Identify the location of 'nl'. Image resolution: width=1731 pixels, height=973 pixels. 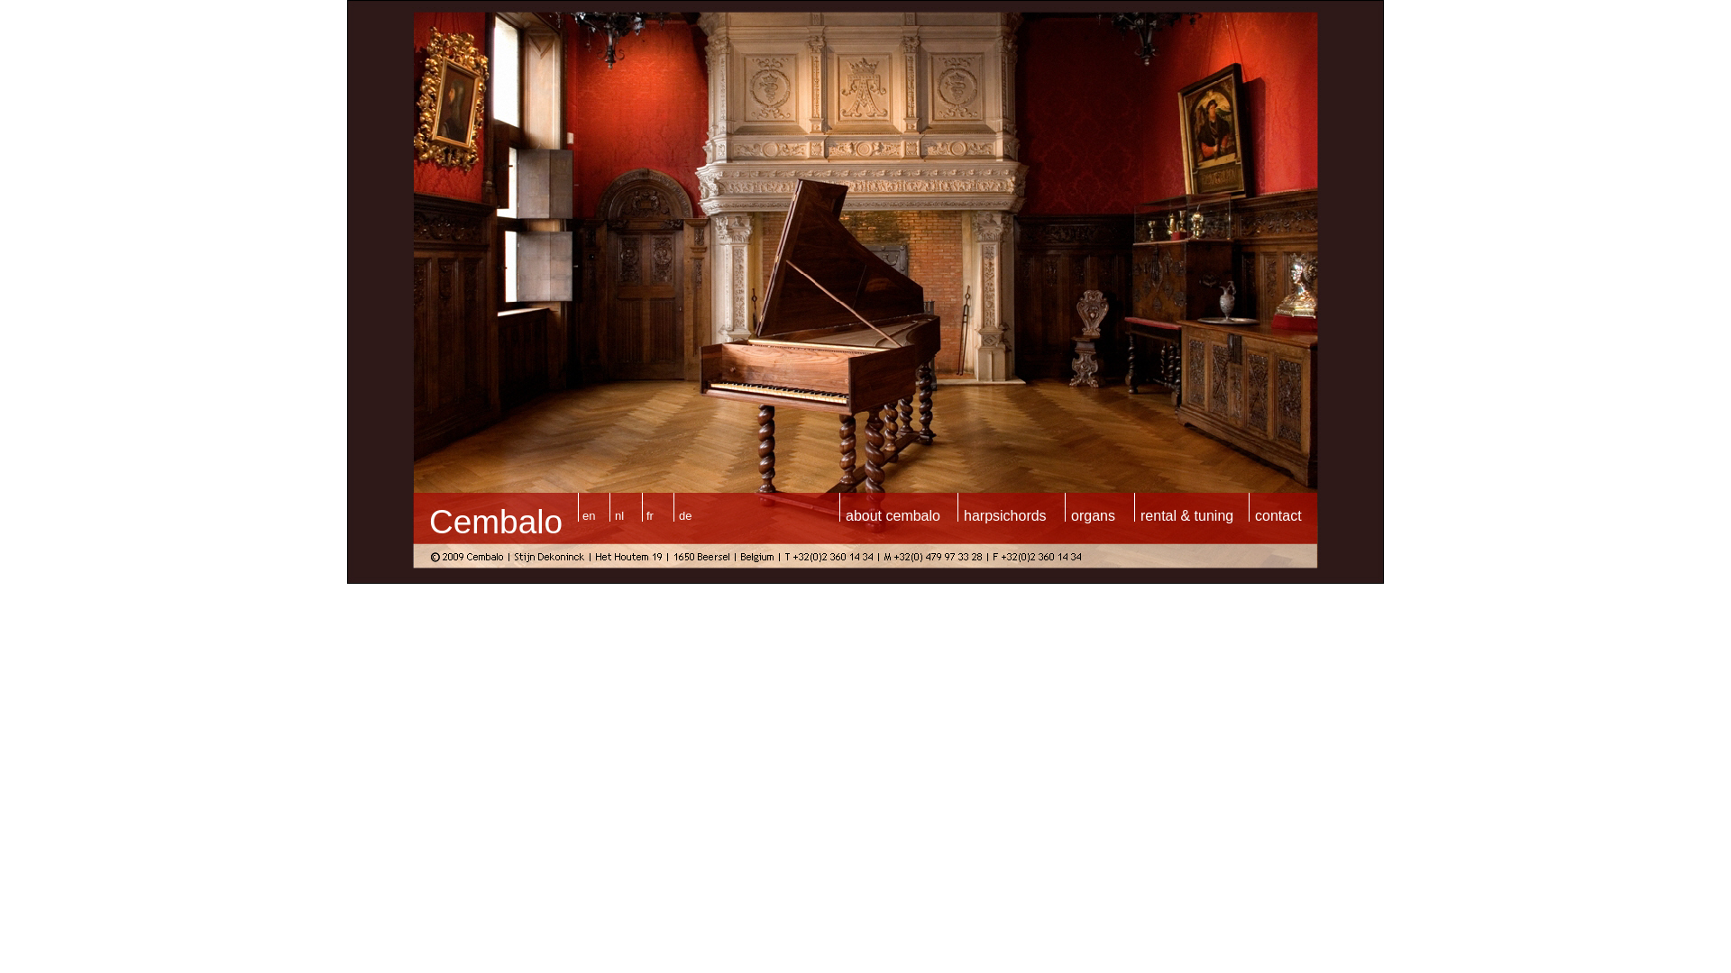
(618, 515).